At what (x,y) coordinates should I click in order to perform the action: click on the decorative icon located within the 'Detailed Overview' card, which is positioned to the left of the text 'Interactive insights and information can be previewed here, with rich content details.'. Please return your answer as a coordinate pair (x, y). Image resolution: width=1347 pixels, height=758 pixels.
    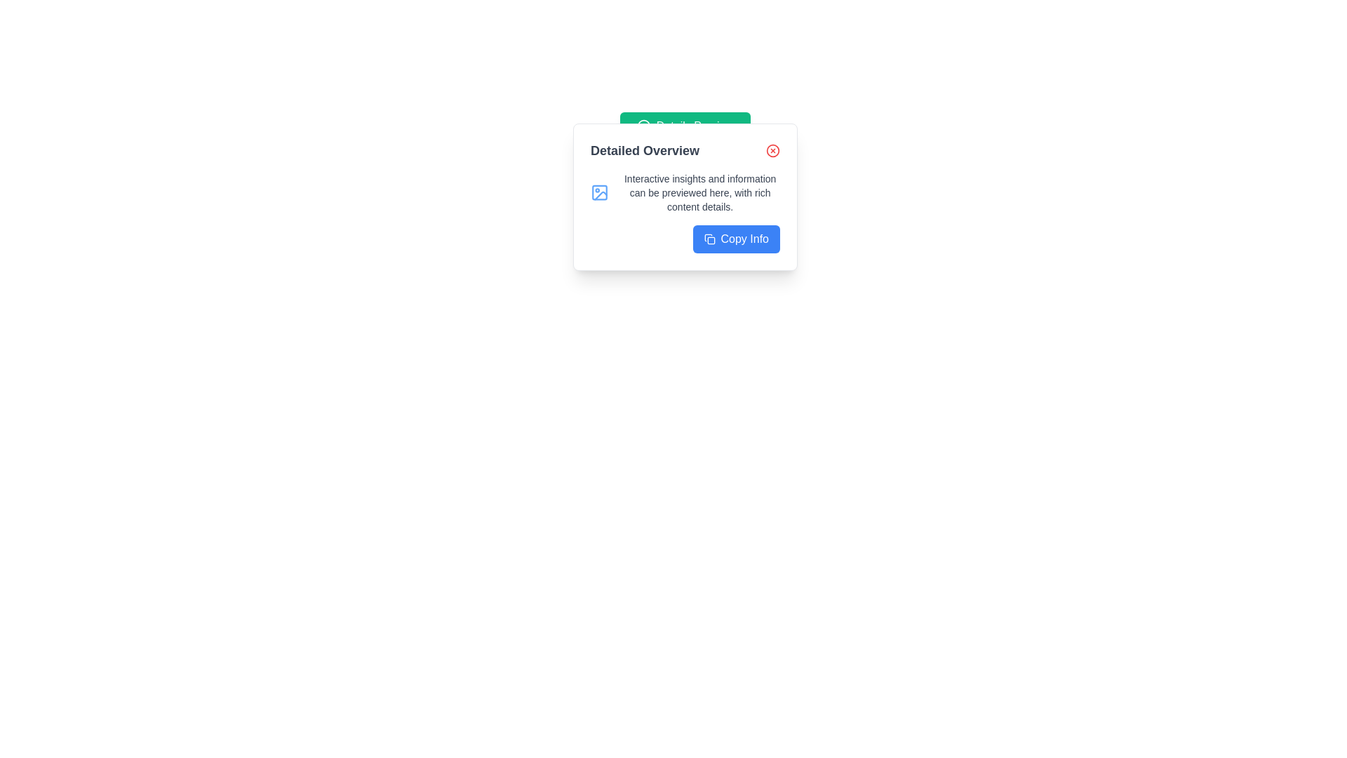
    Looking at the image, I should click on (600, 192).